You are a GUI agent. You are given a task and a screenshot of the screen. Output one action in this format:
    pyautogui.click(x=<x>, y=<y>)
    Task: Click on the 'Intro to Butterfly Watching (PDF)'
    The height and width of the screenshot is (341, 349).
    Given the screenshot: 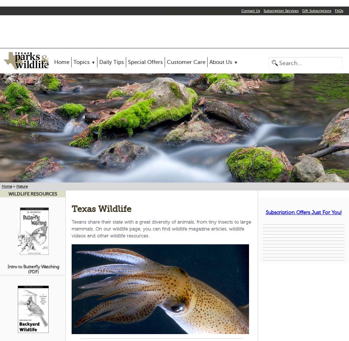 What is the action you would take?
    pyautogui.click(x=7, y=269)
    